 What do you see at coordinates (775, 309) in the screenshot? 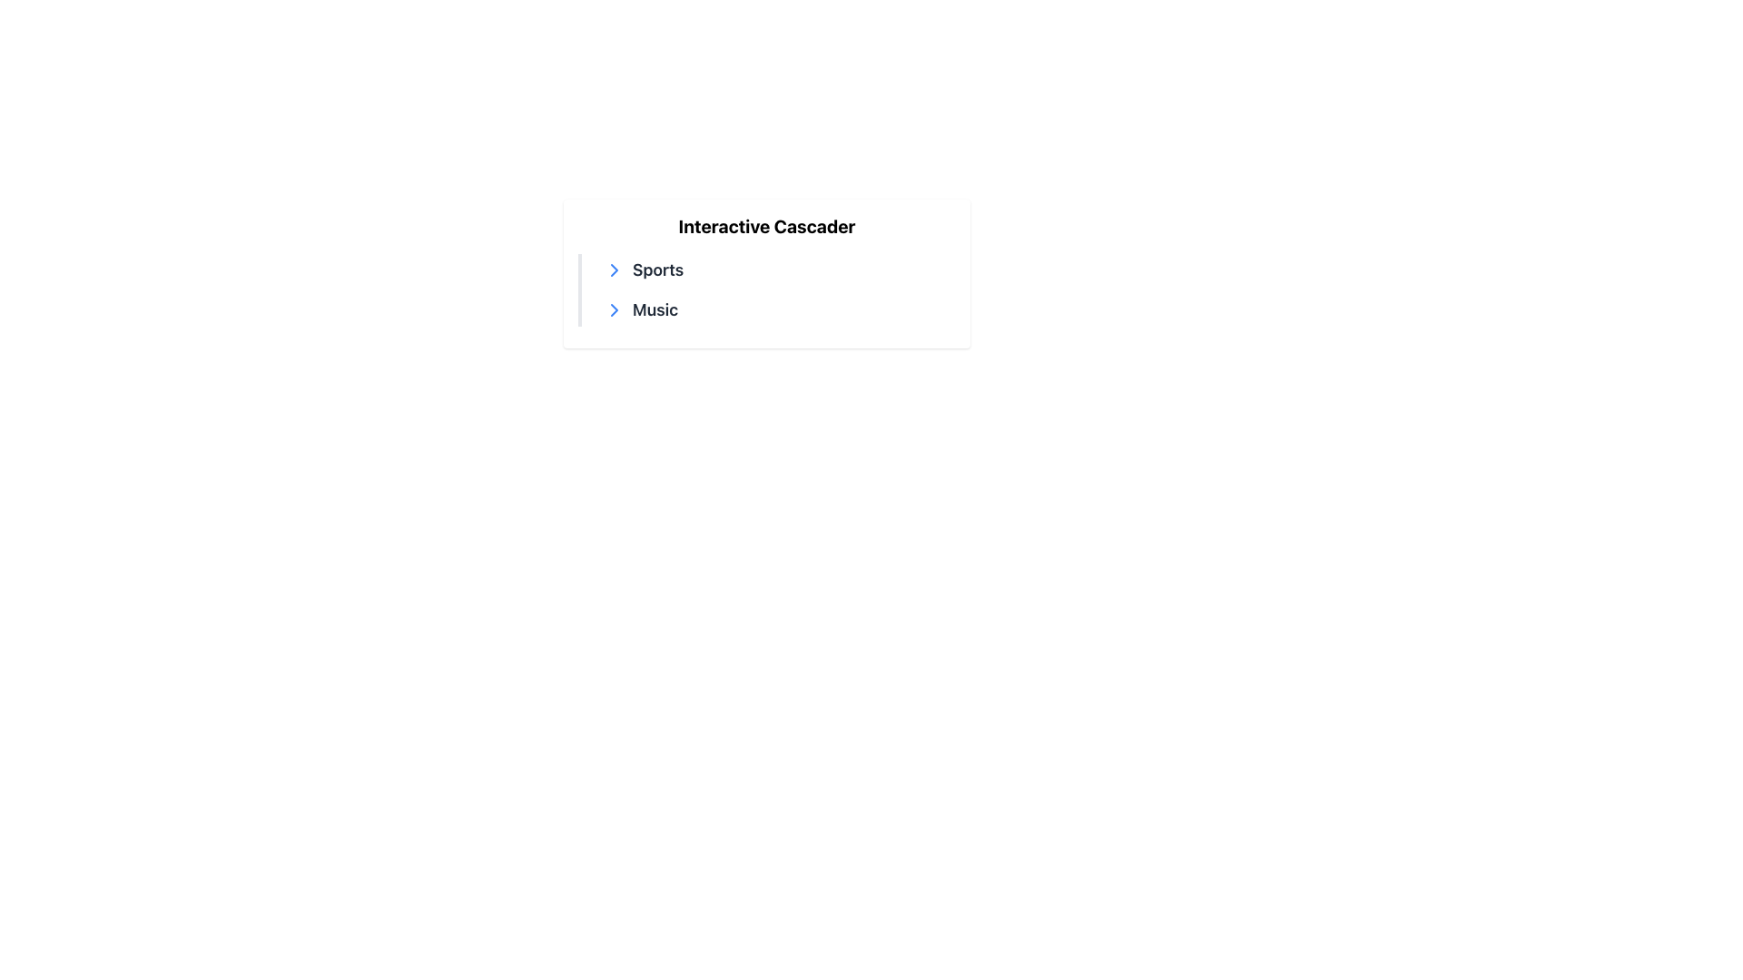
I see `the 'Music' dropdown menu item located beneath 'Sports' in the 'Interactive Cascader' dropdown to change its background` at bounding box center [775, 309].